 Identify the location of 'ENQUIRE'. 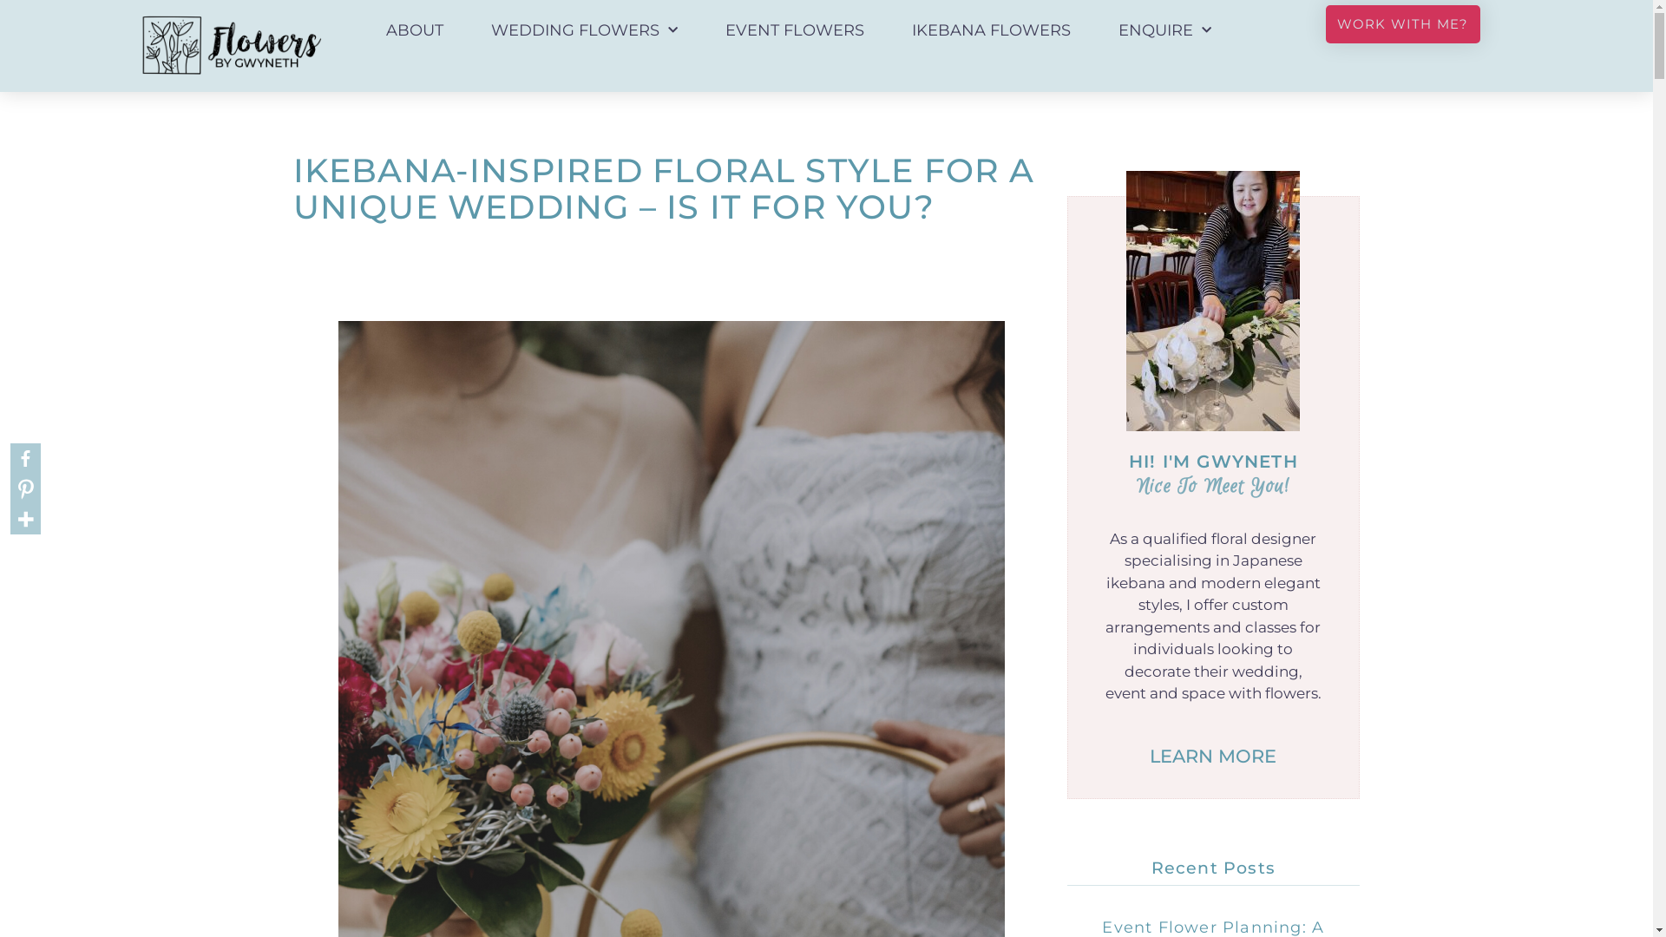
(1099, 29).